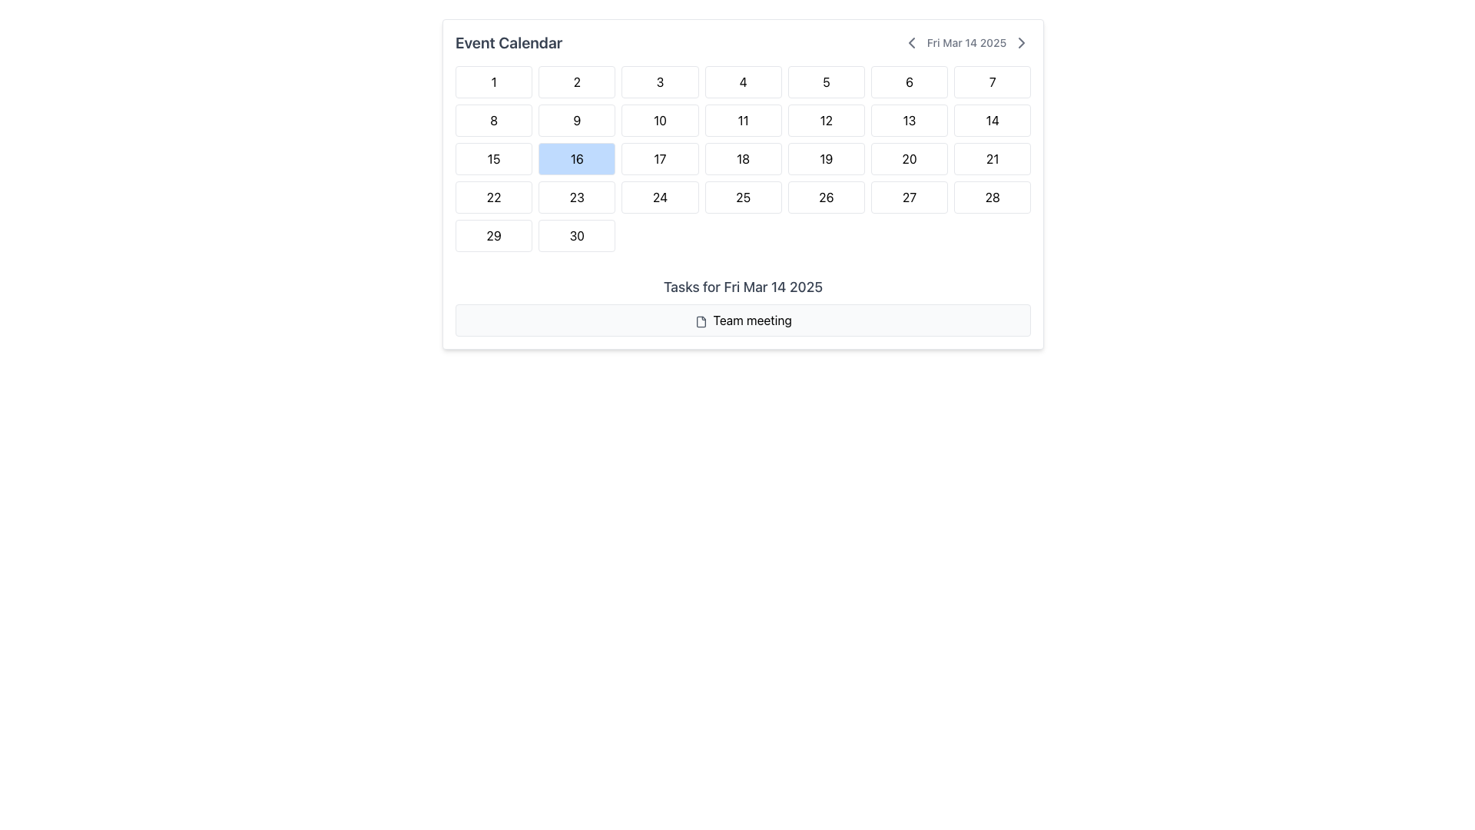  Describe the element at coordinates (743, 159) in the screenshot. I see `the calendar cell displaying the number '18' located in the fourth column of the third row` at that location.